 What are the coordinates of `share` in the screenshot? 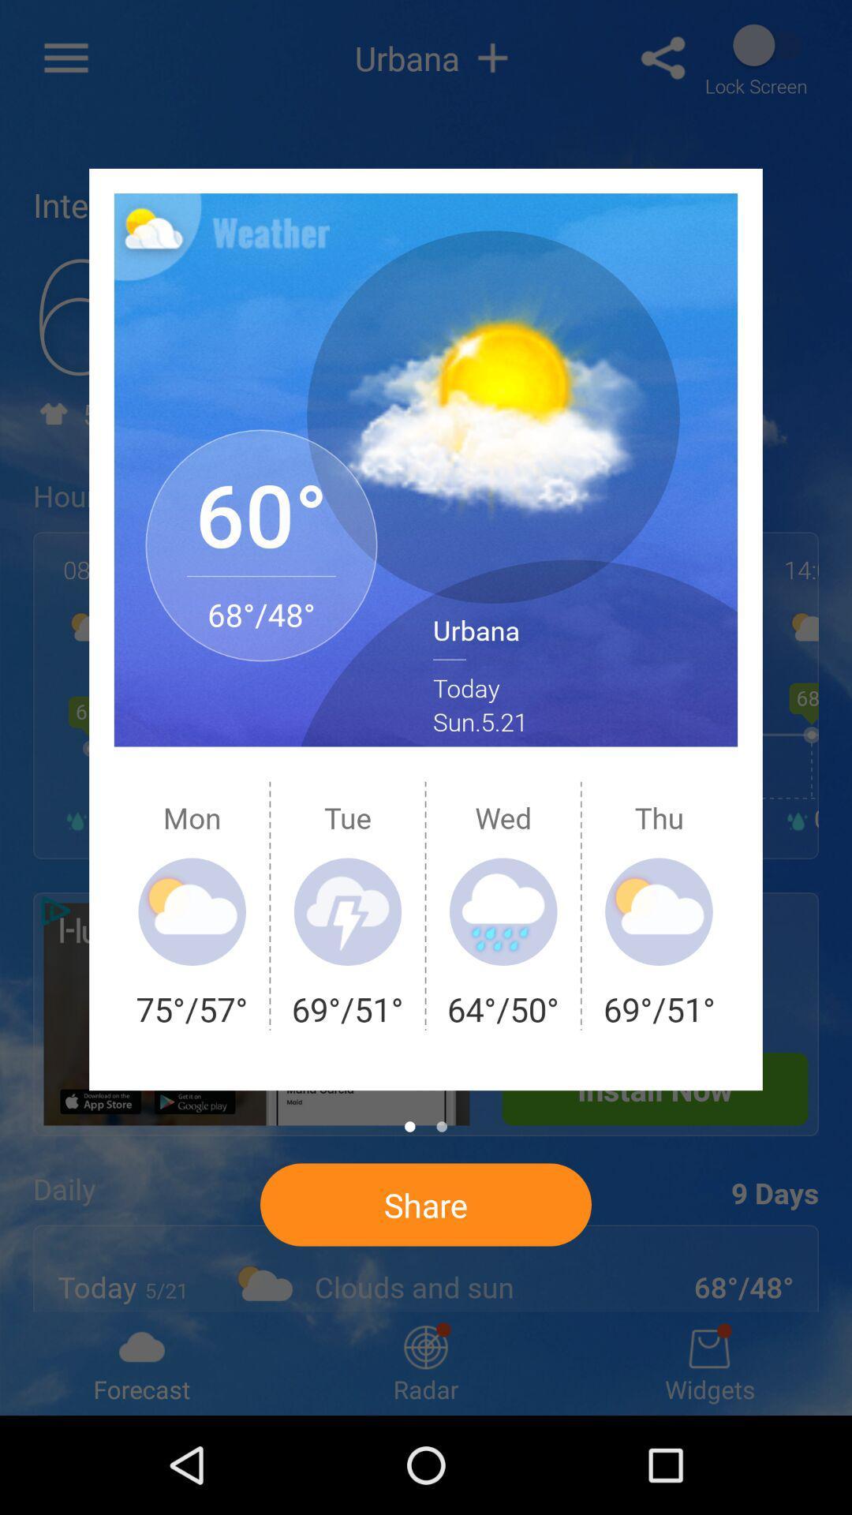 It's located at (426, 1203).